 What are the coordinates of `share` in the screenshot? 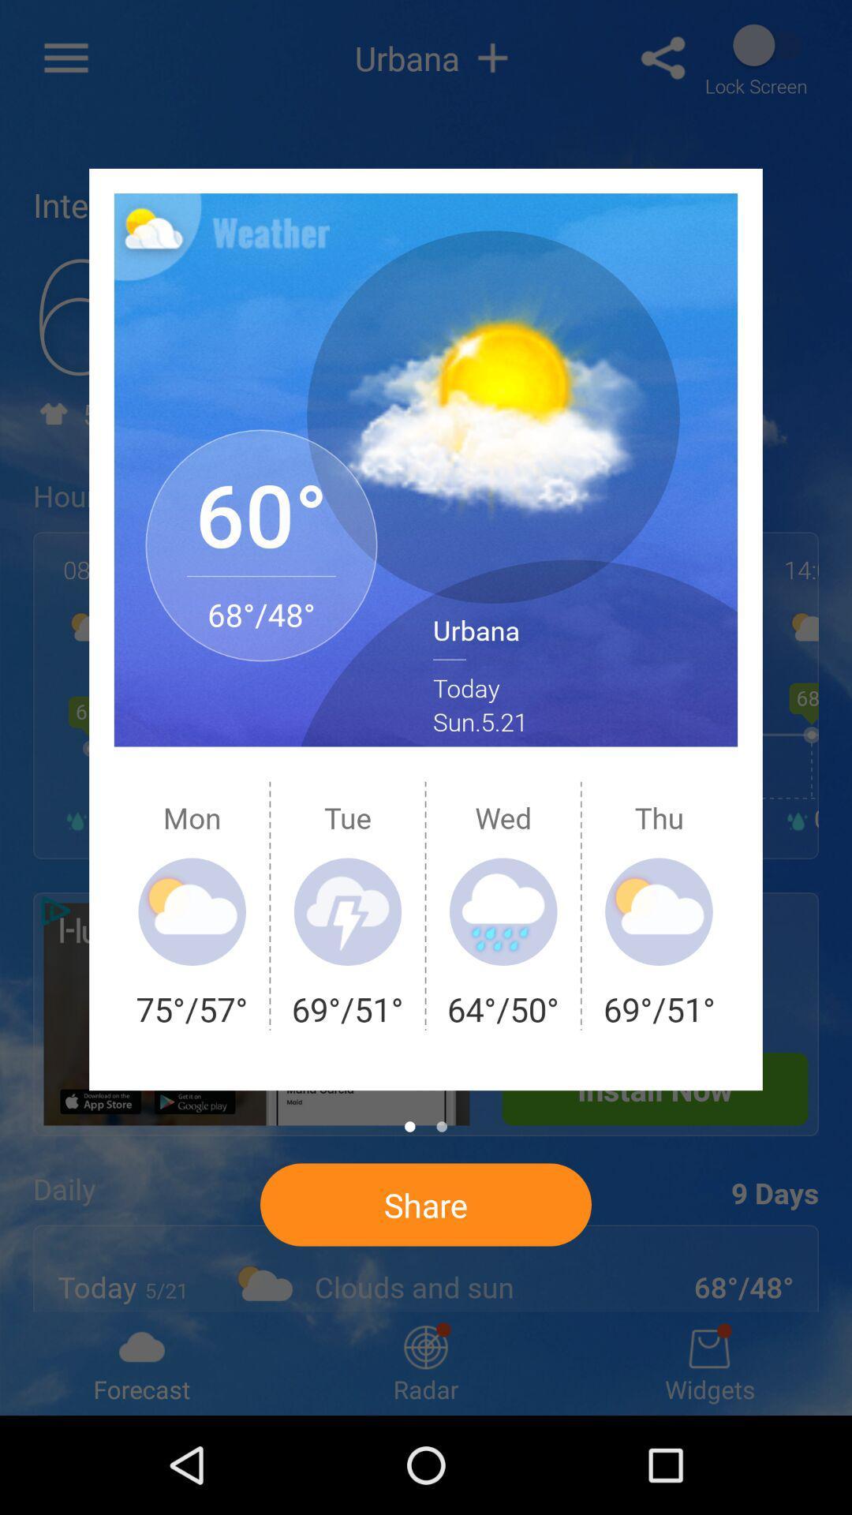 It's located at (426, 1203).